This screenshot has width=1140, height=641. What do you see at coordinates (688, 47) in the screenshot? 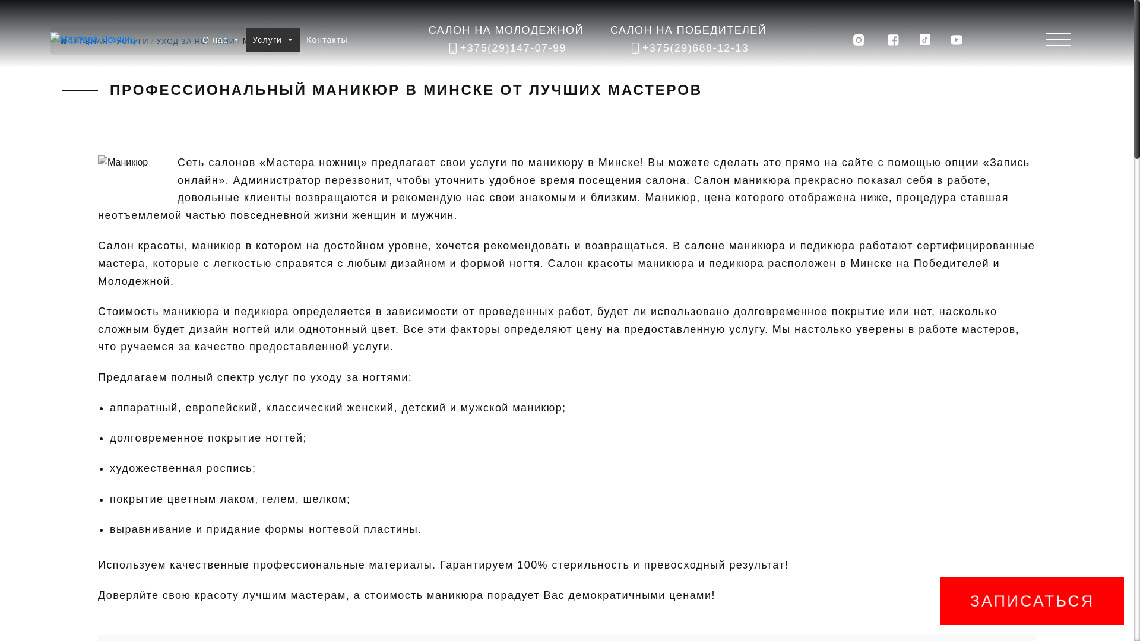
I see `'+375(29)688-12-13'` at bounding box center [688, 47].